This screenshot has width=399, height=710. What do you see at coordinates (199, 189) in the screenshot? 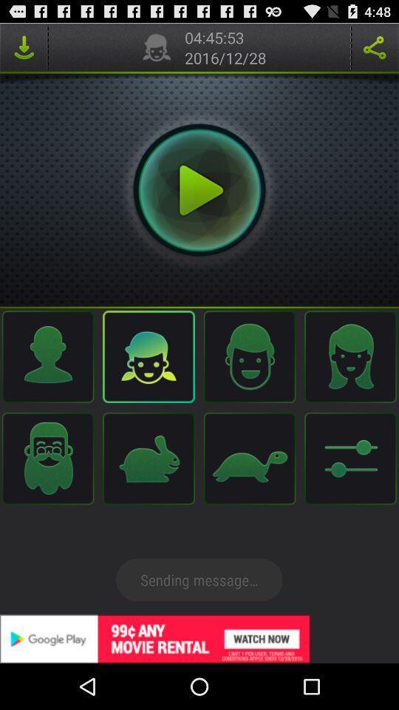
I see `play option` at bounding box center [199, 189].